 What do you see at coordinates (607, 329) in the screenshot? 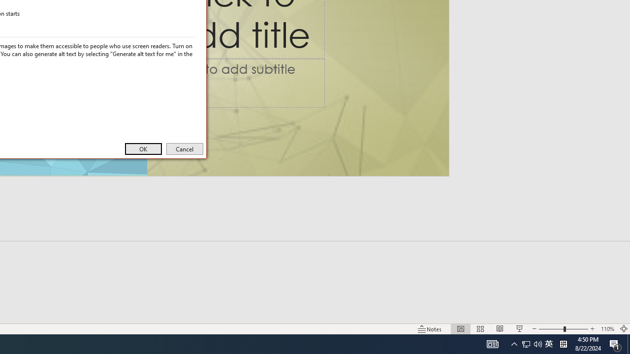
I see `'Zoom 110%'` at bounding box center [607, 329].